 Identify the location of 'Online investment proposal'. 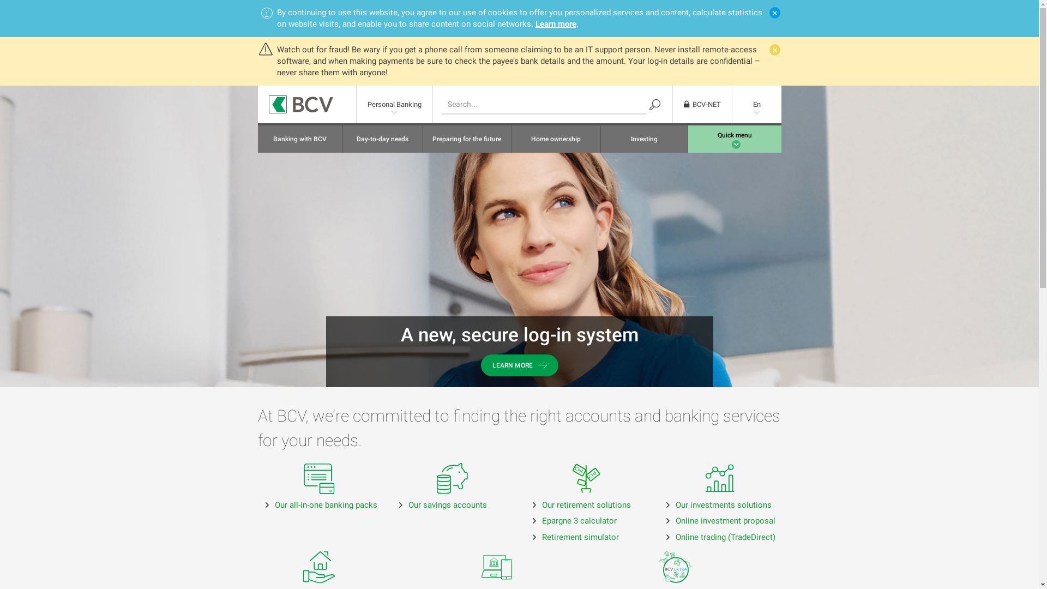
(725, 520).